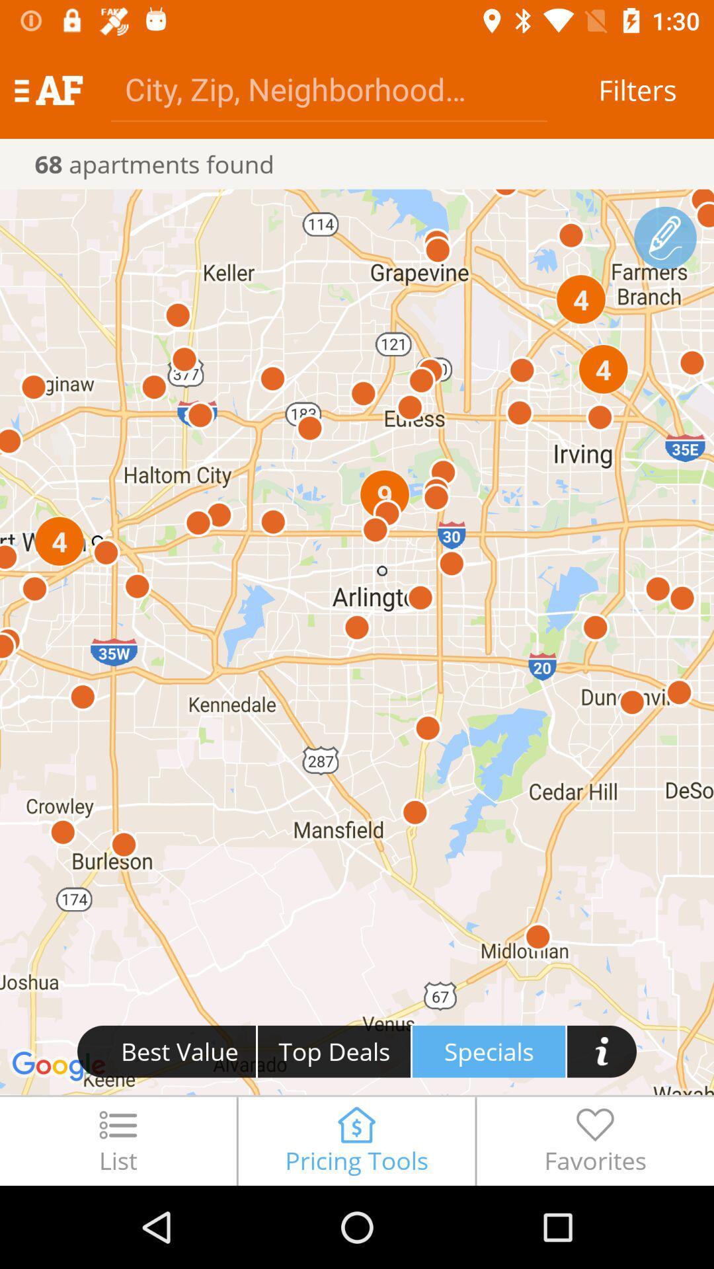 This screenshot has height=1269, width=714. I want to click on the filters, so click(637, 89).